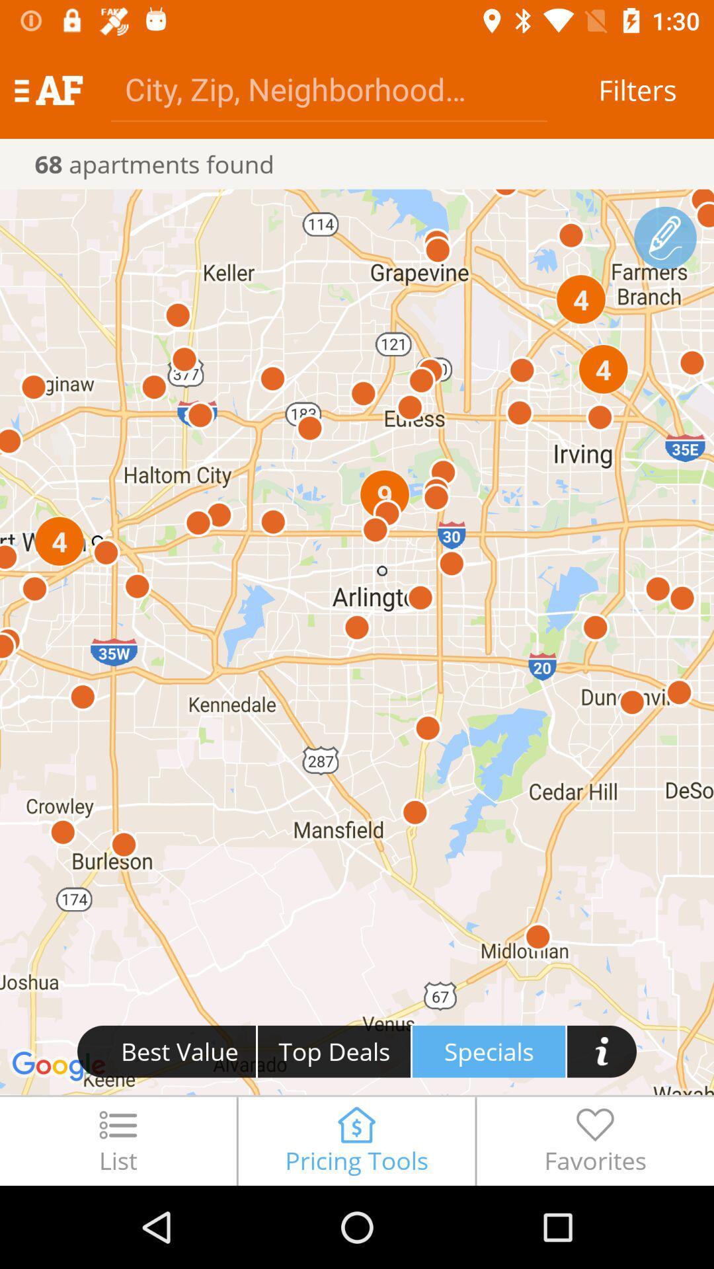 This screenshot has height=1269, width=714. I want to click on the filters, so click(637, 89).